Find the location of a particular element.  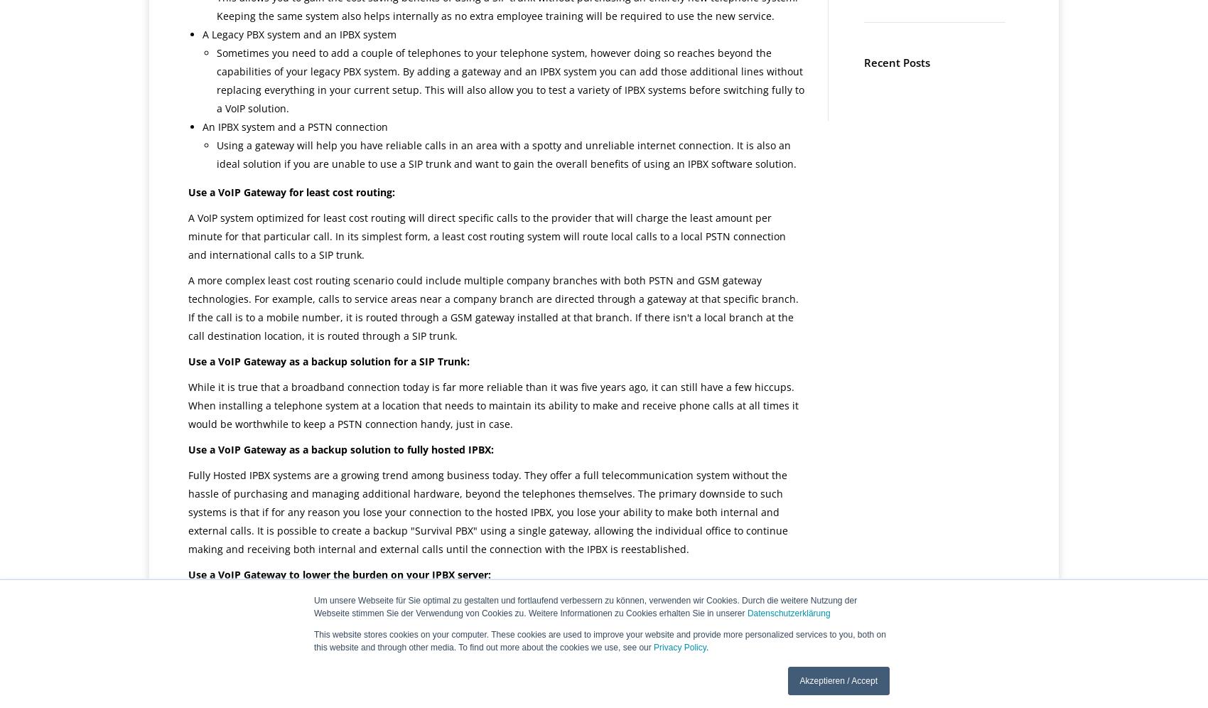

'Fully Hosted IPBX systems are a growing trend among business today. They offer a full telecommunication system without the hassle of purchasing and managing additional hardware, beyond the telephones themselves. The primary downside to such systems is that if for any reason you lose your connection to the hosted IPBX, you lose your ability to make both internal and external calls. It is possible to create a backup "Survival PBX" using a single gateway, allowing the individual office to continue making and receiving both internal and external calls until the connection with the IPBX is reestablished.' is located at coordinates (487, 511).